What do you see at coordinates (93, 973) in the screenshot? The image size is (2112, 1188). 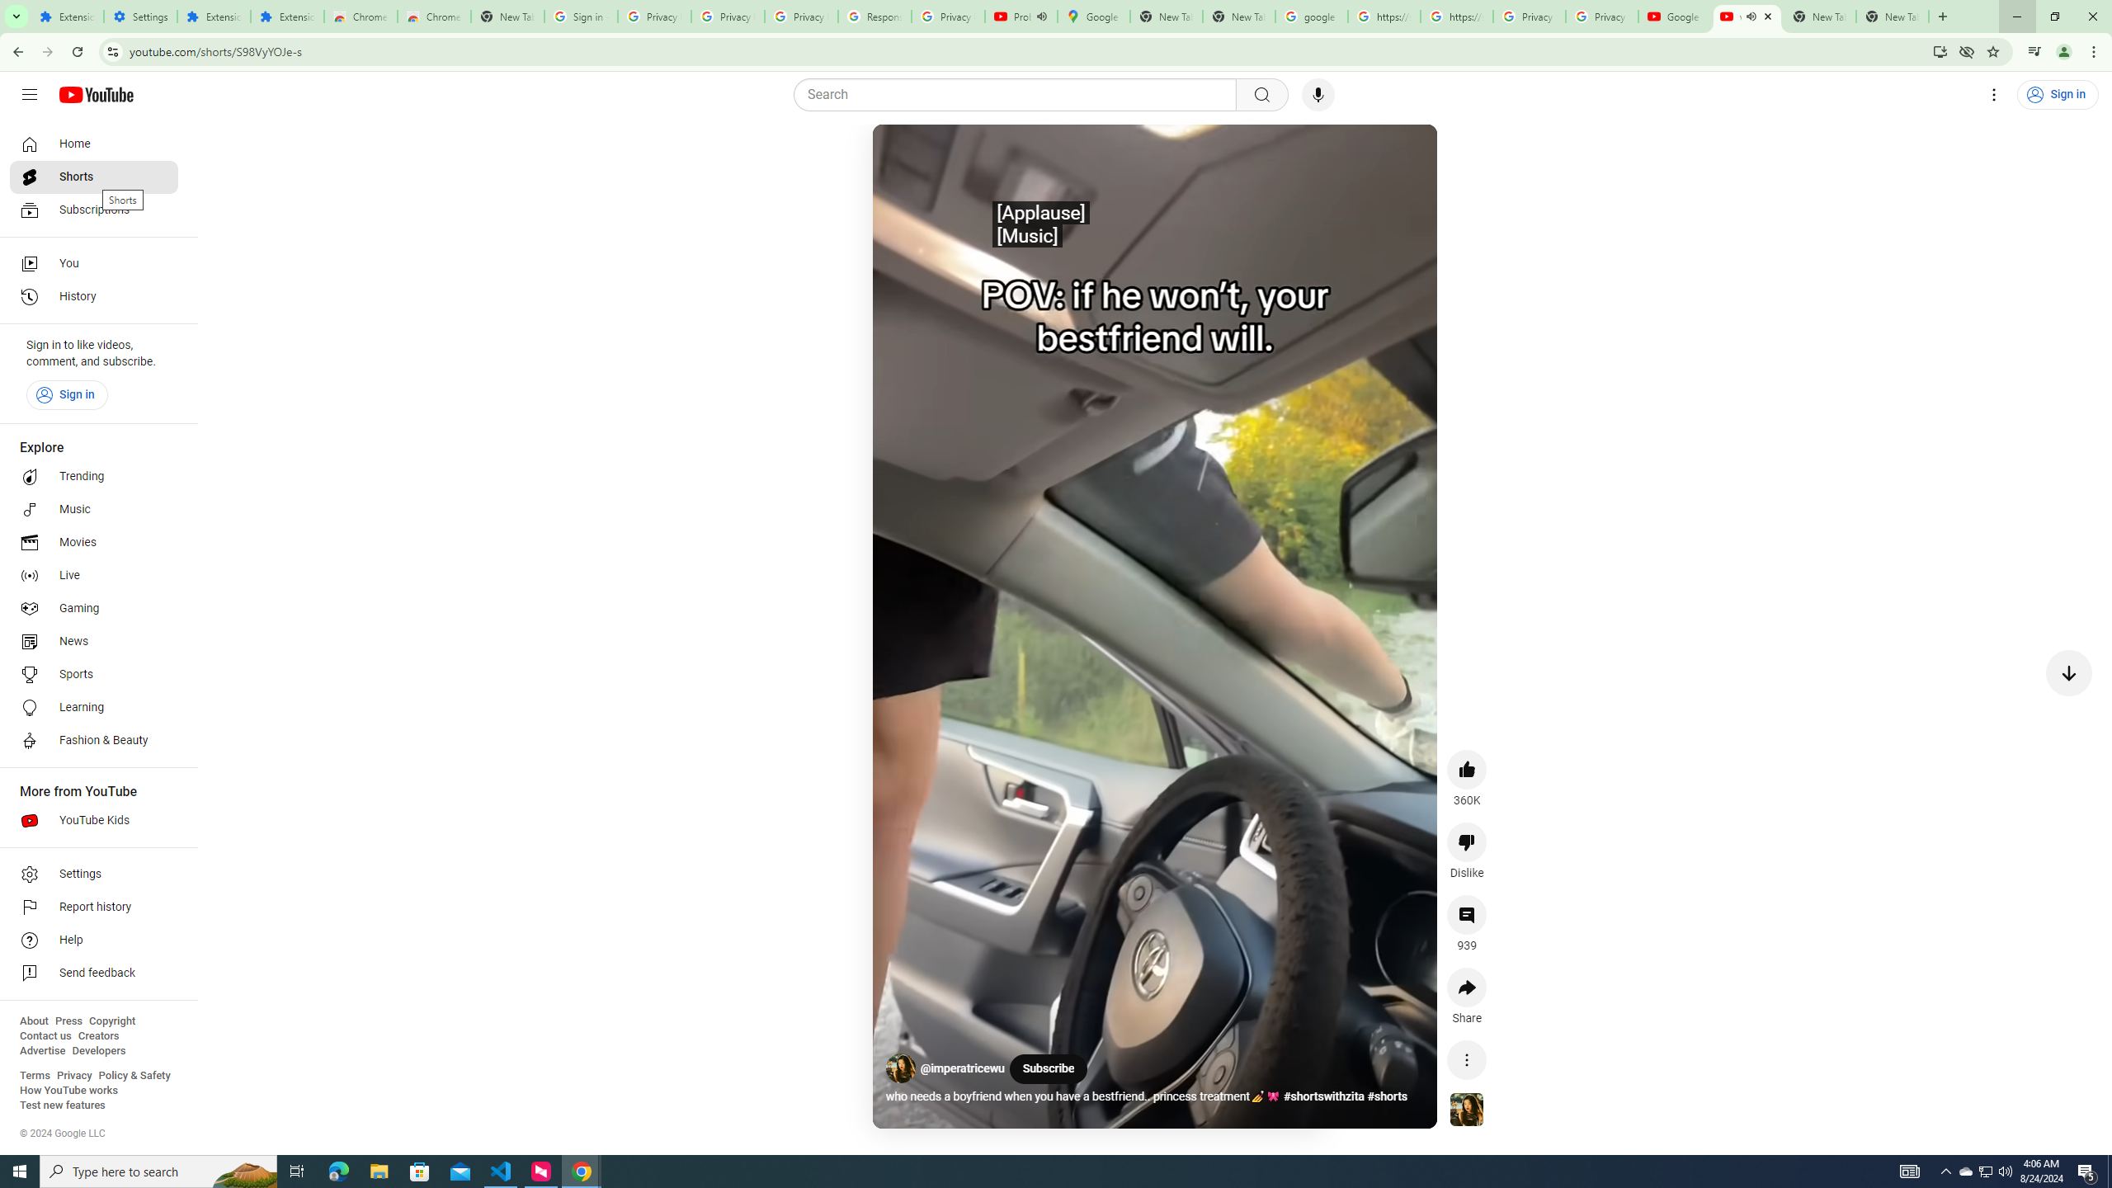 I see `'Send feedback'` at bounding box center [93, 973].